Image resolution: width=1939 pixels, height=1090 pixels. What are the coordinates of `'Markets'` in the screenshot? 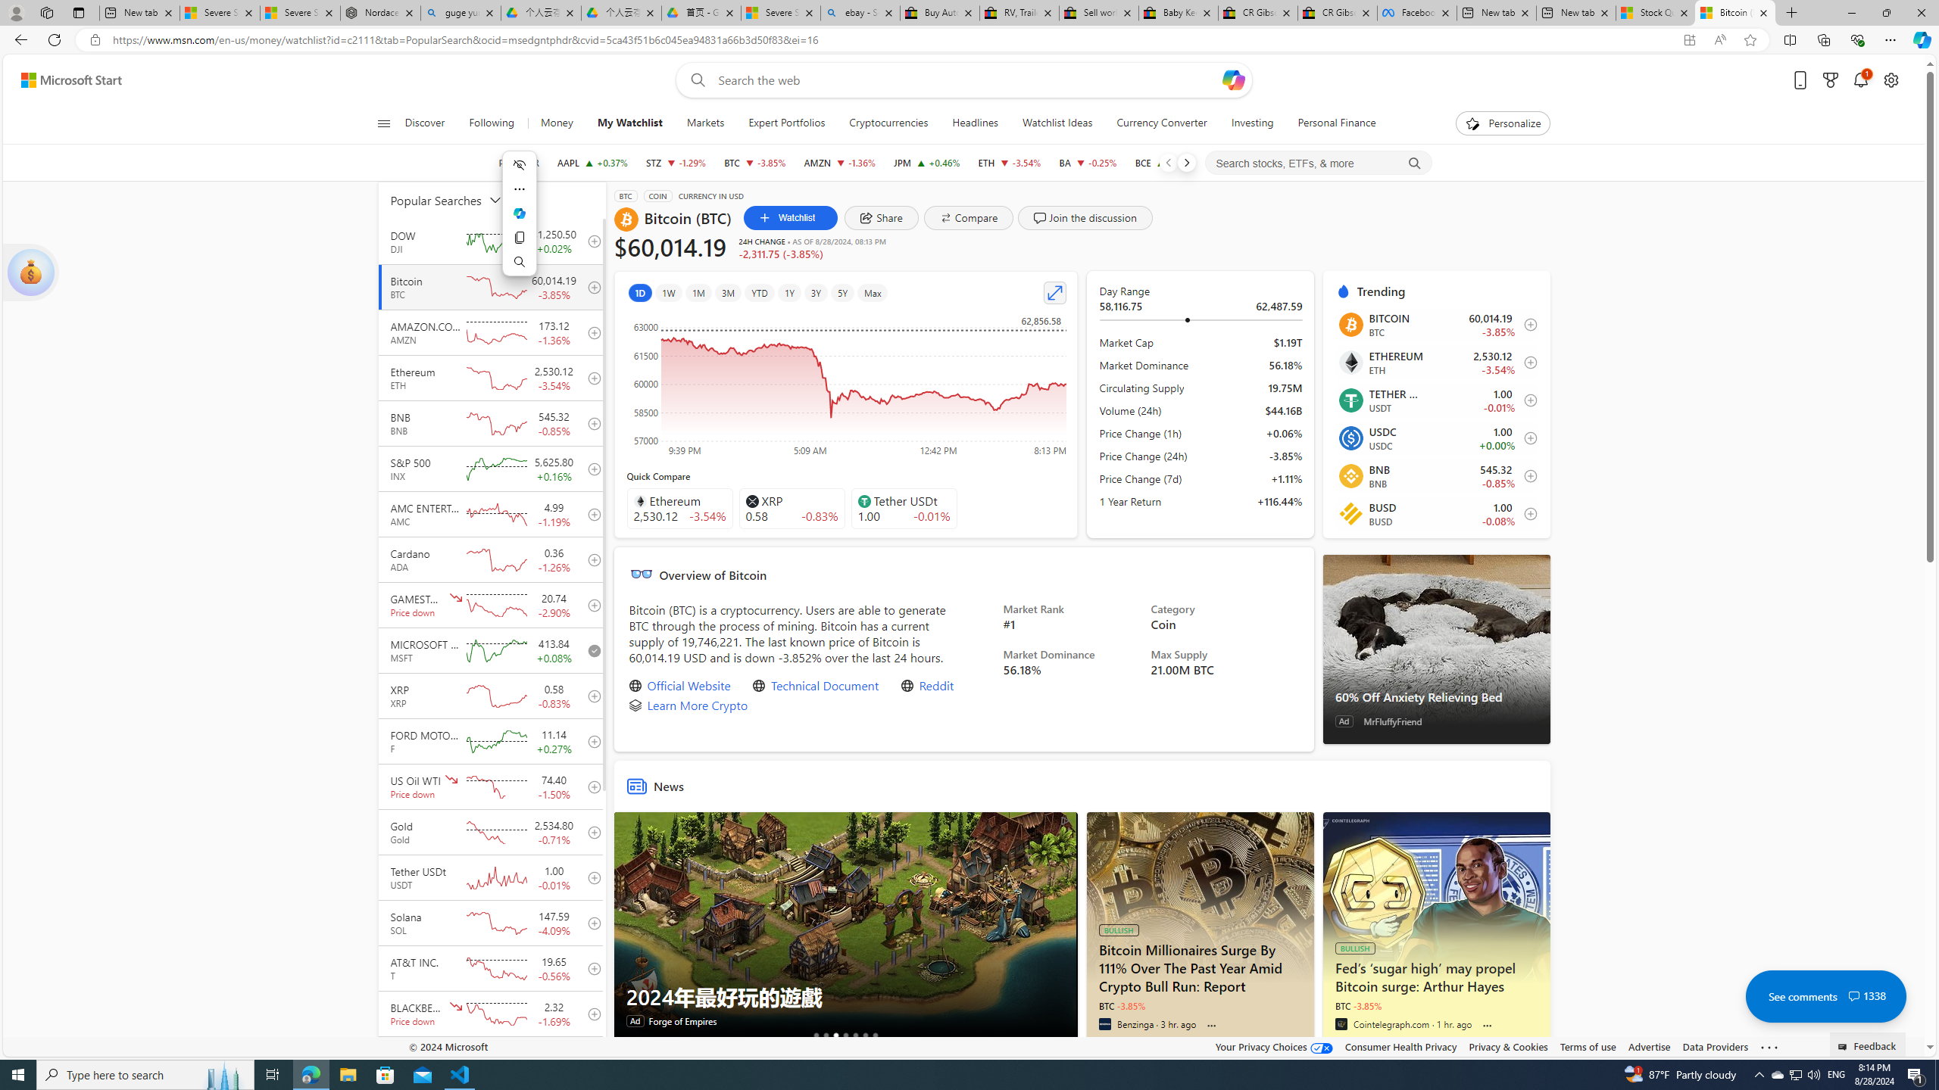 It's located at (704, 123).